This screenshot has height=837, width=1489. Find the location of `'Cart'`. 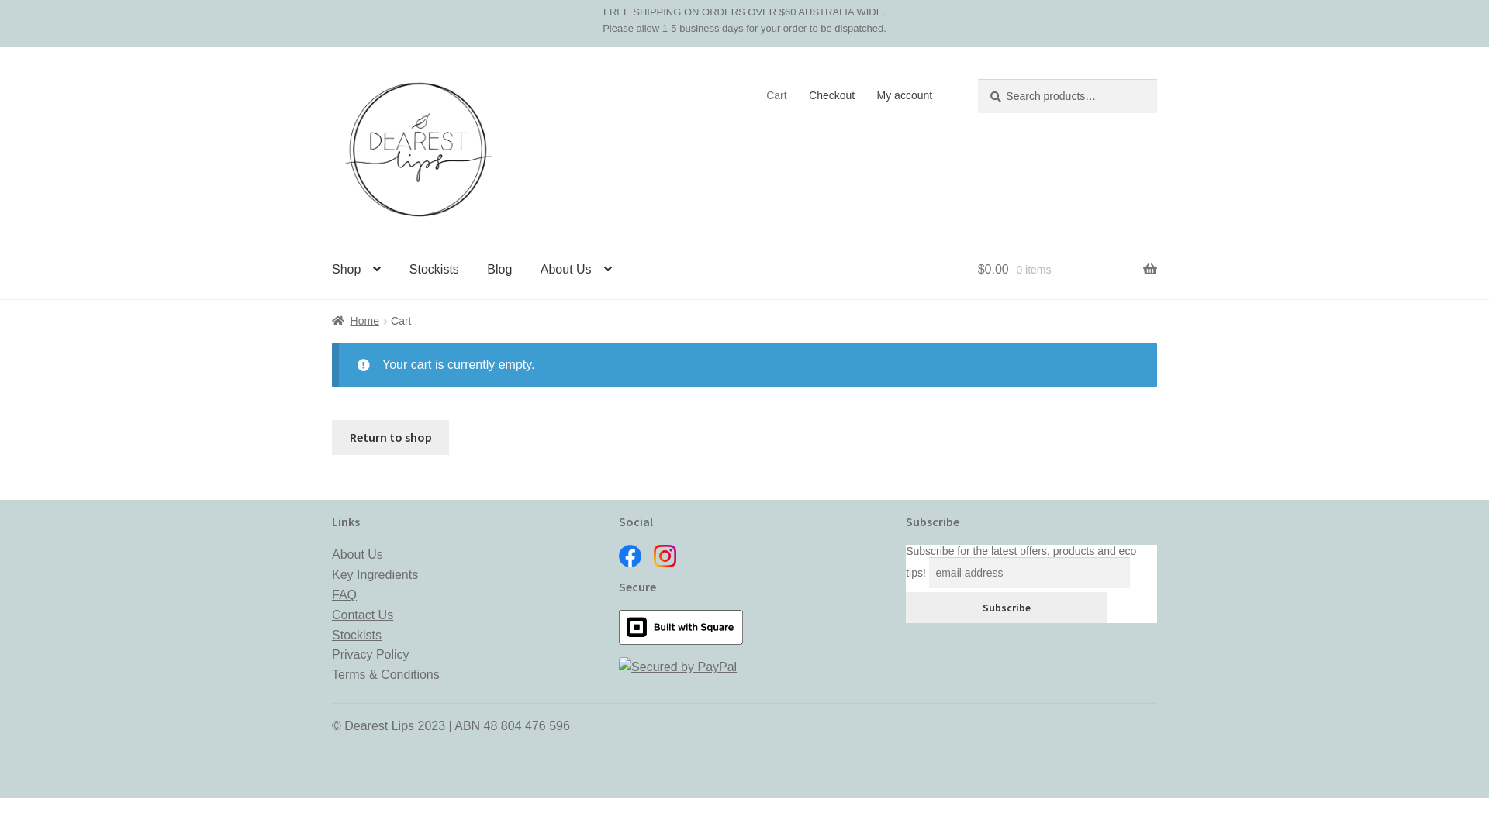

'Cart' is located at coordinates (776, 95).